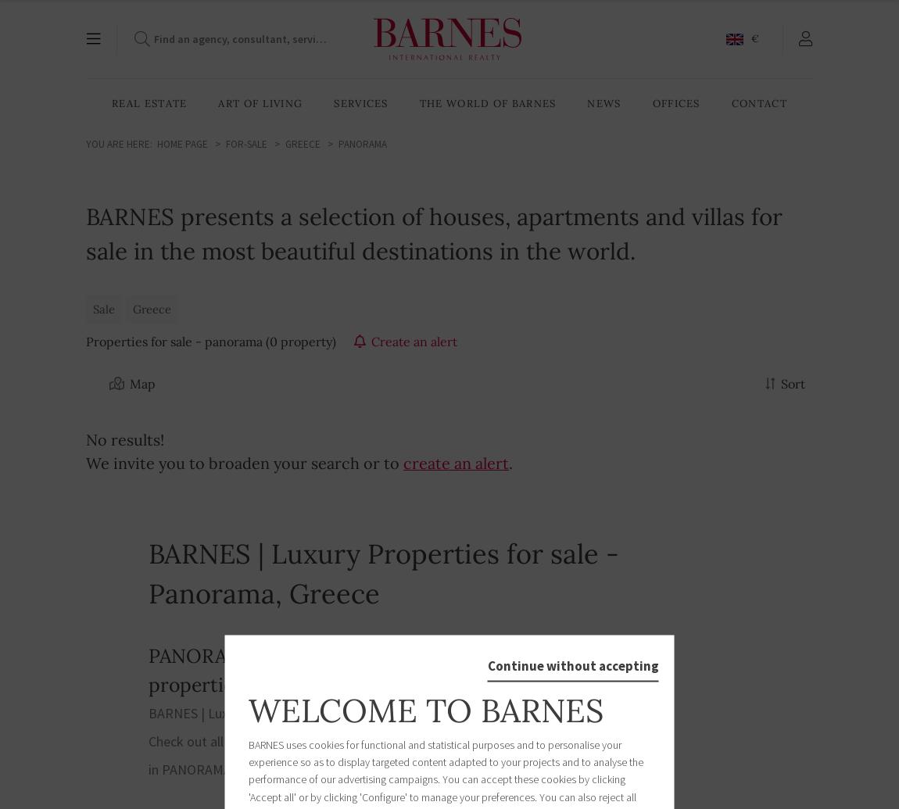 This screenshot has width=899, height=809. I want to click on 'Life annuities', so click(285, 249).